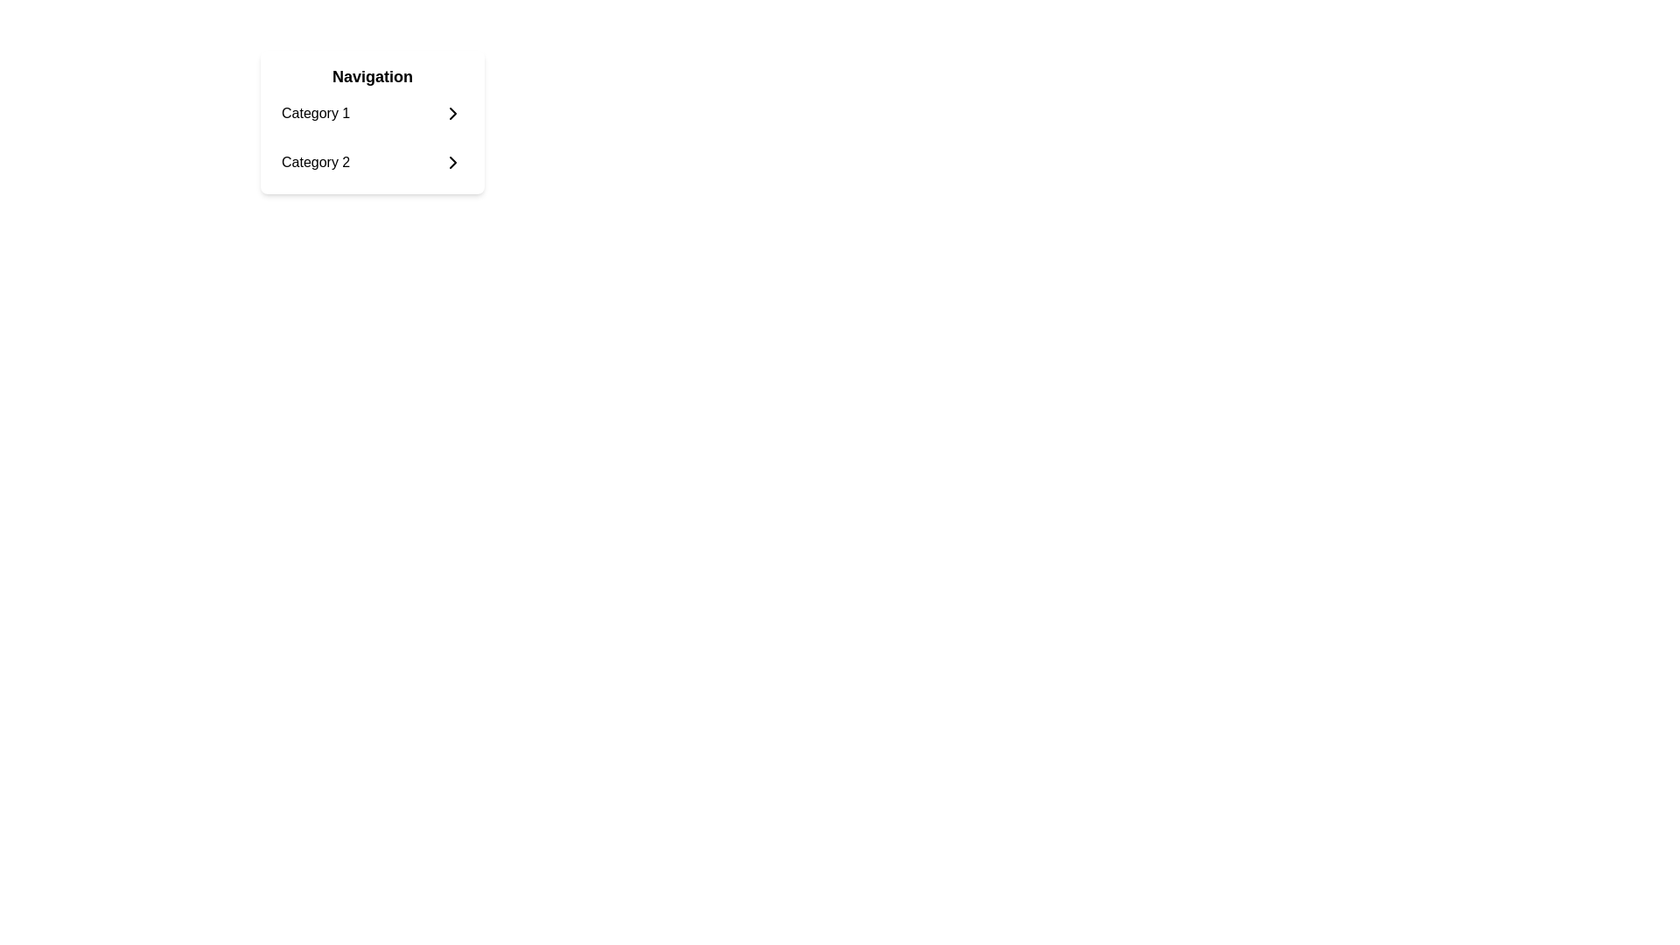  Describe the element at coordinates (453, 162) in the screenshot. I see `the navigation icon for 'Category 2'` at that location.